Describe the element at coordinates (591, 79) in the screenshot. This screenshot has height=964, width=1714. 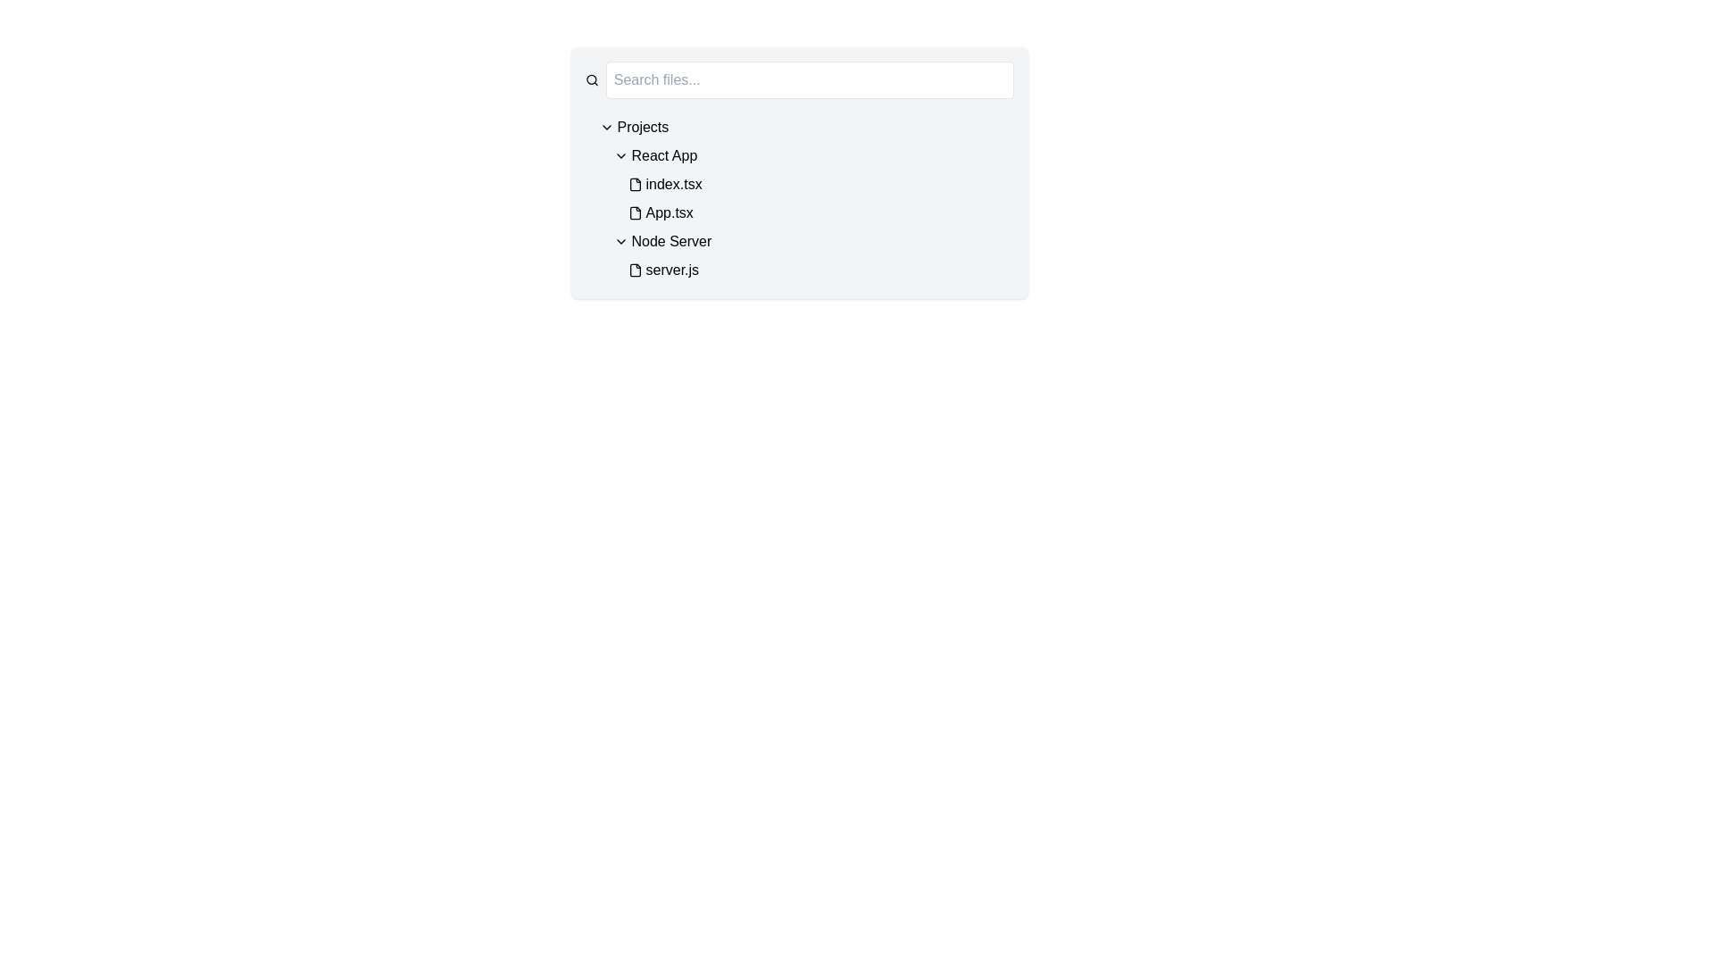
I see `the central circular shape of the search icon, which is an SVG circle with a radius of approximately 8px and a thin black outline, located near the top-left corner of the search field` at that location.